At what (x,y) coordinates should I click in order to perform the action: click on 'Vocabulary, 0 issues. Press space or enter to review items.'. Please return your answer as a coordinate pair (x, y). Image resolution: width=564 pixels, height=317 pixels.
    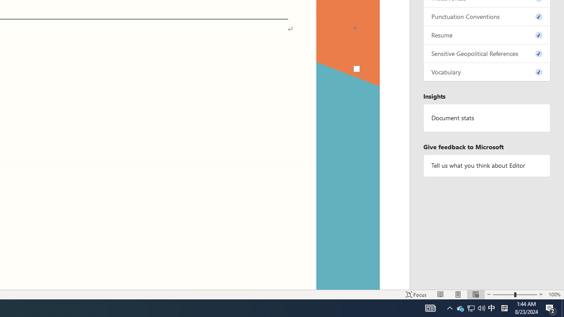
    Looking at the image, I should click on (486, 71).